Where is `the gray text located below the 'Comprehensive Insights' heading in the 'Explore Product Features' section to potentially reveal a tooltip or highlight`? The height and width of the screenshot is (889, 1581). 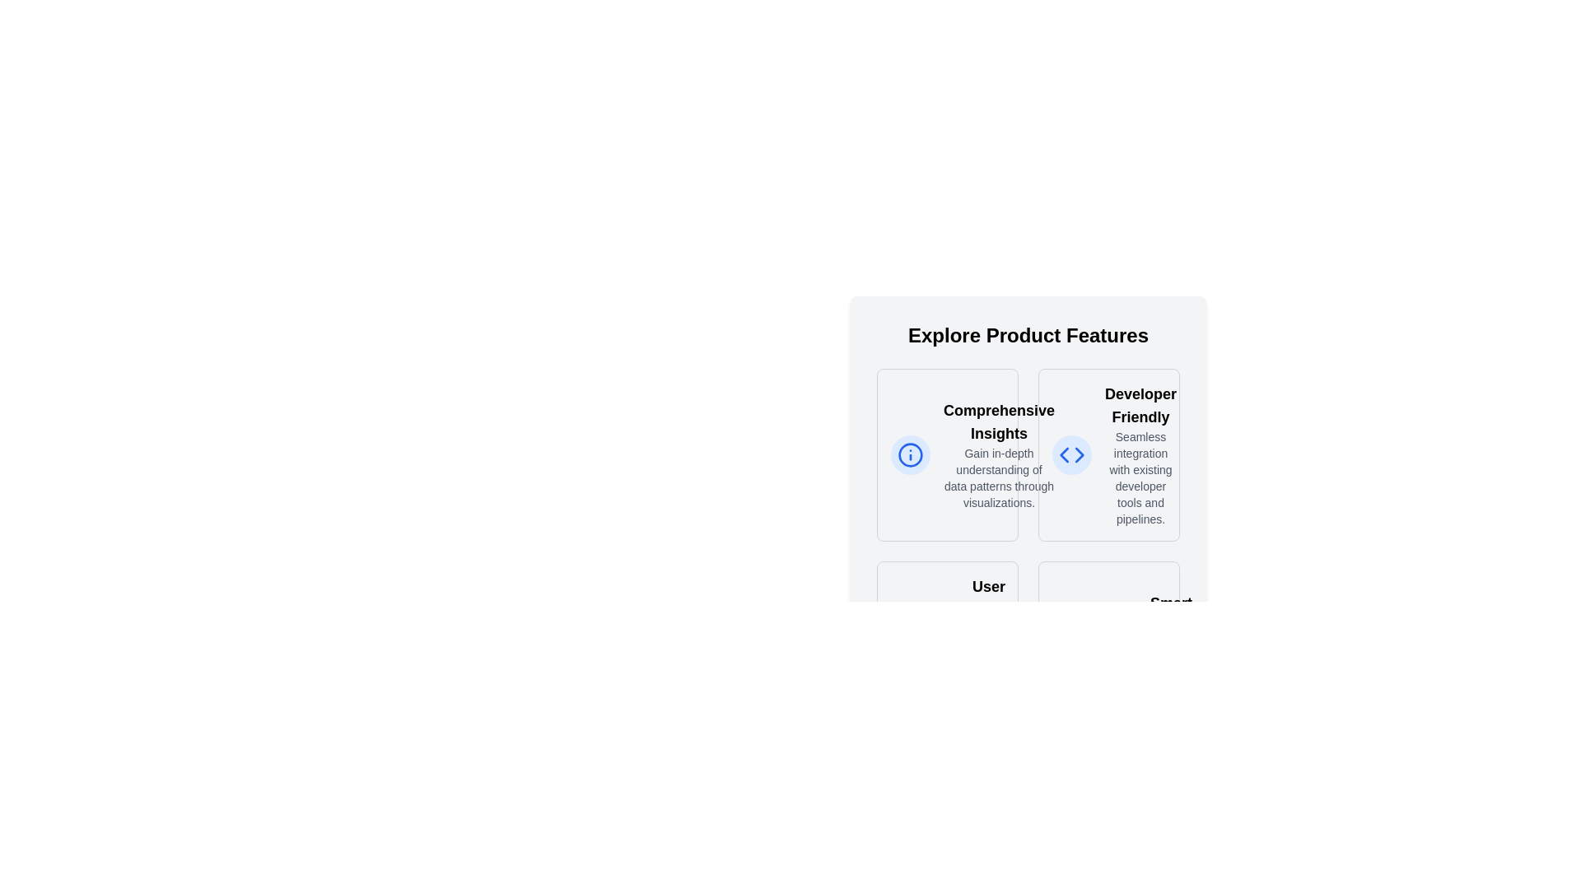 the gray text located below the 'Comprehensive Insights' heading in the 'Explore Product Features' section to potentially reveal a tooltip or highlight is located at coordinates (998, 478).